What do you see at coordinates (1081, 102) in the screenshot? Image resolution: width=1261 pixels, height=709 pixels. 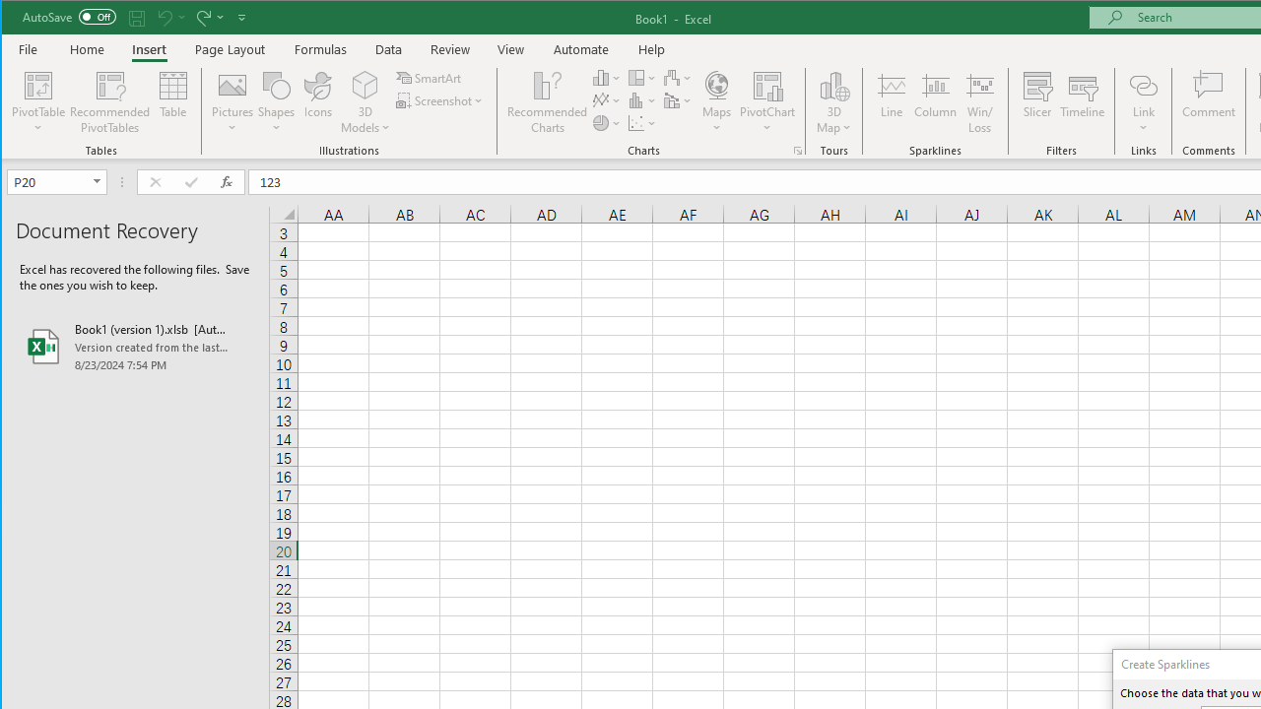 I see `'Timeline'` at bounding box center [1081, 102].